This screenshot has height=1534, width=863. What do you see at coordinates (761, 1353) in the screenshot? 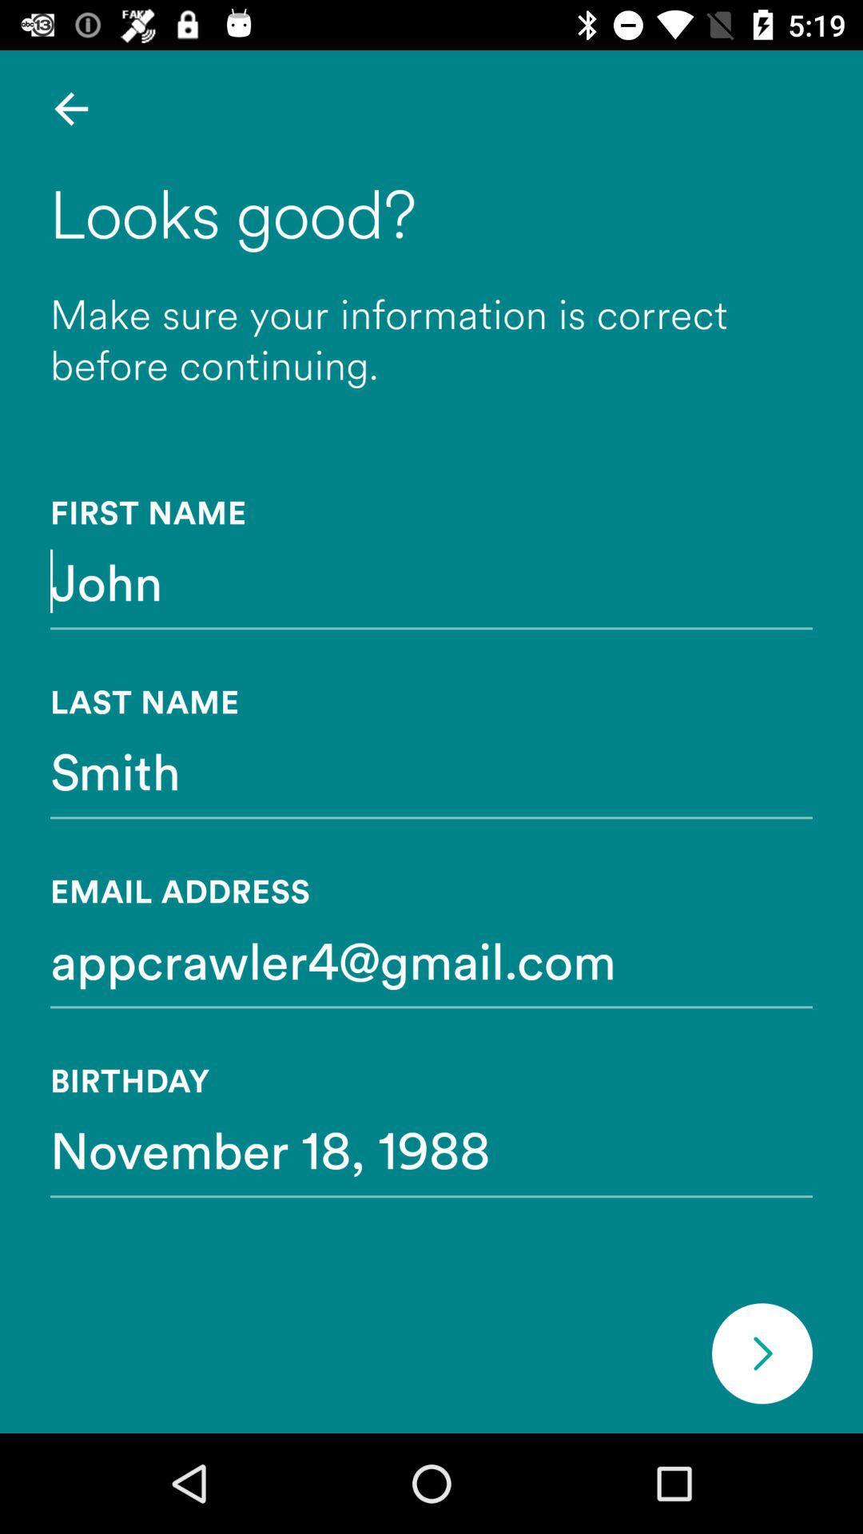
I see `the item at the bottom right corner` at bounding box center [761, 1353].